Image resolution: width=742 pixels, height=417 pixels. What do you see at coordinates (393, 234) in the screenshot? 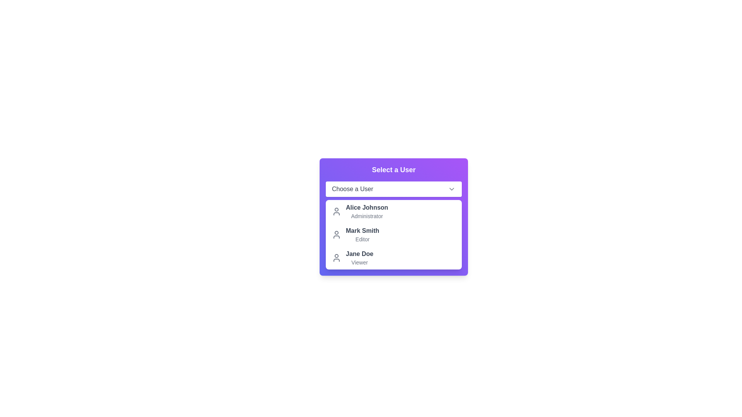
I see `the dropdown list item for 'Mark Smith, Editor'` at bounding box center [393, 234].